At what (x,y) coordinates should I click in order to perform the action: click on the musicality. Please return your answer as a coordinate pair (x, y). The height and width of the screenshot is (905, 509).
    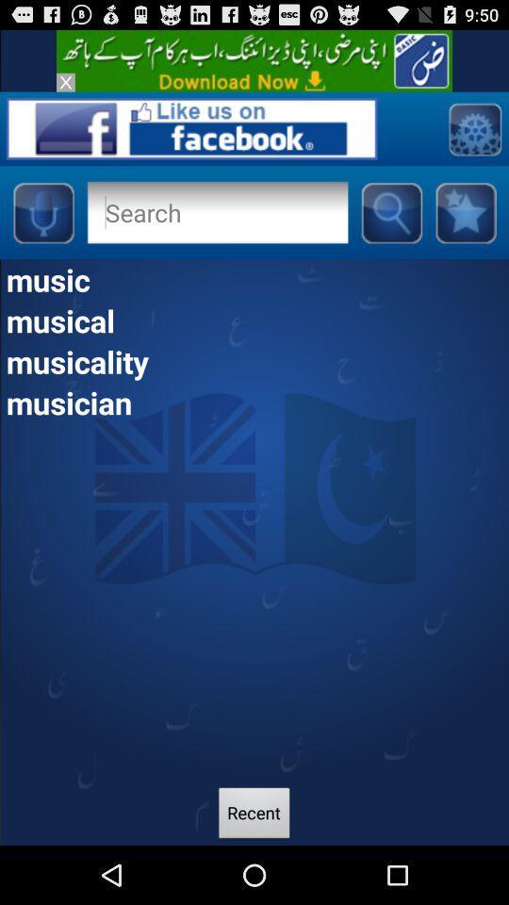
    Looking at the image, I should click on (254, 360).